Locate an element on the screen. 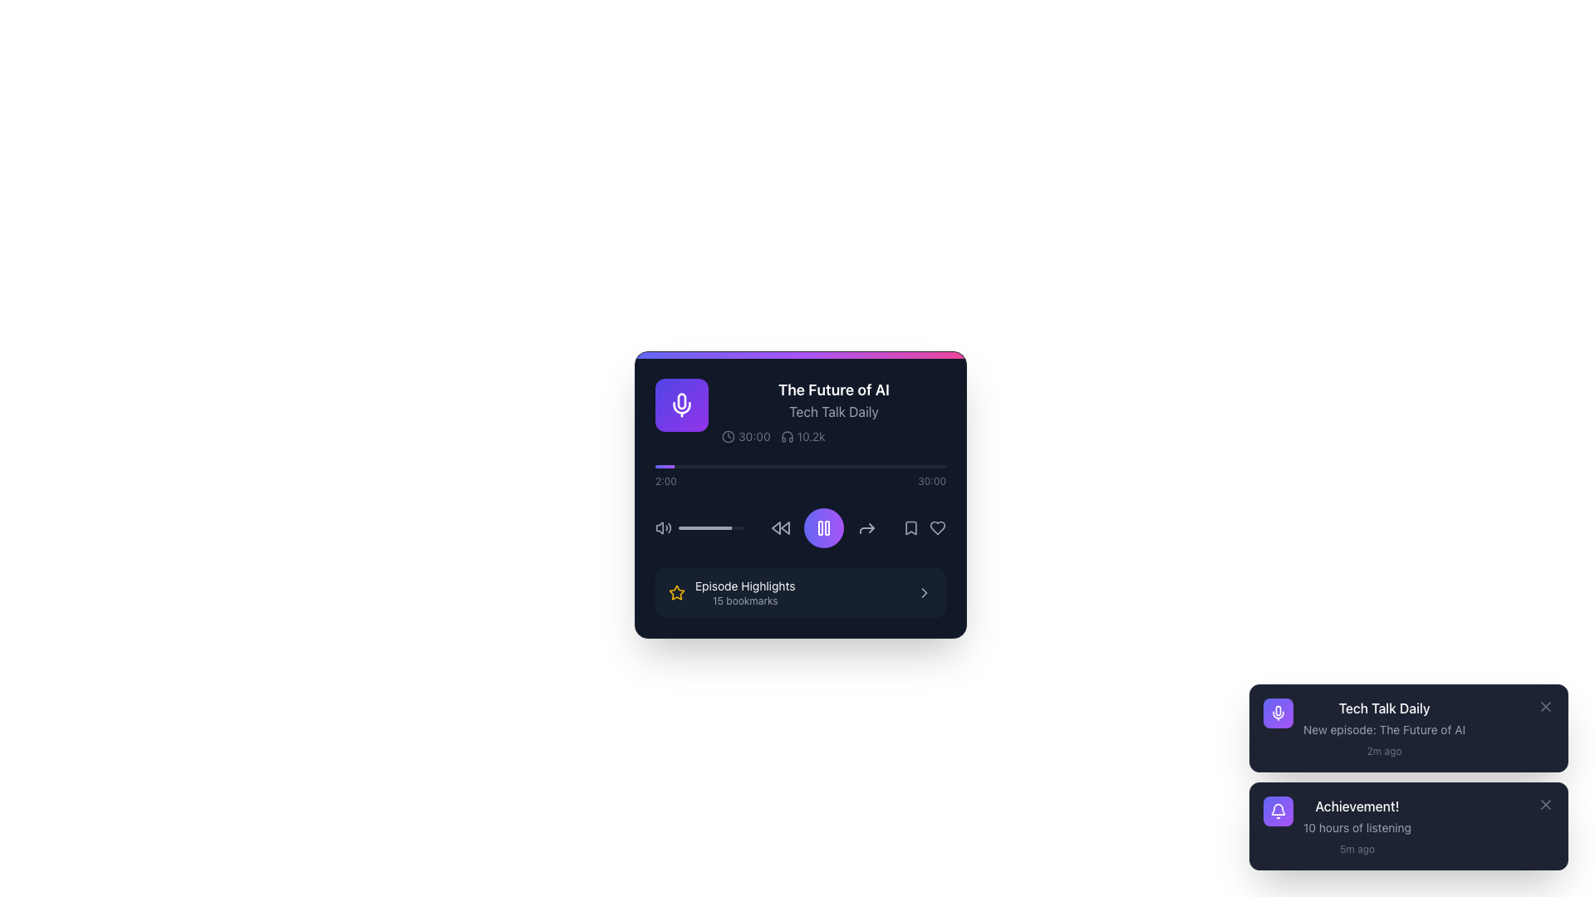 This screenshot has height=897, width=1595. the small, rightward-pointing chevron icon in light gray located at the far right of the 'Episode Highlights' section after the text '15 bookmarks' is located at coordinates (924, 591).